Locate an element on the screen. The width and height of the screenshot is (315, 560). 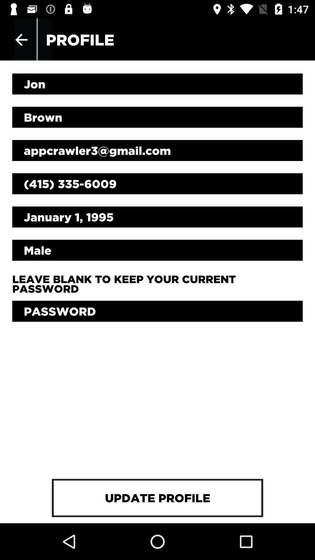
the brown item is located at coordinates (157, 117).